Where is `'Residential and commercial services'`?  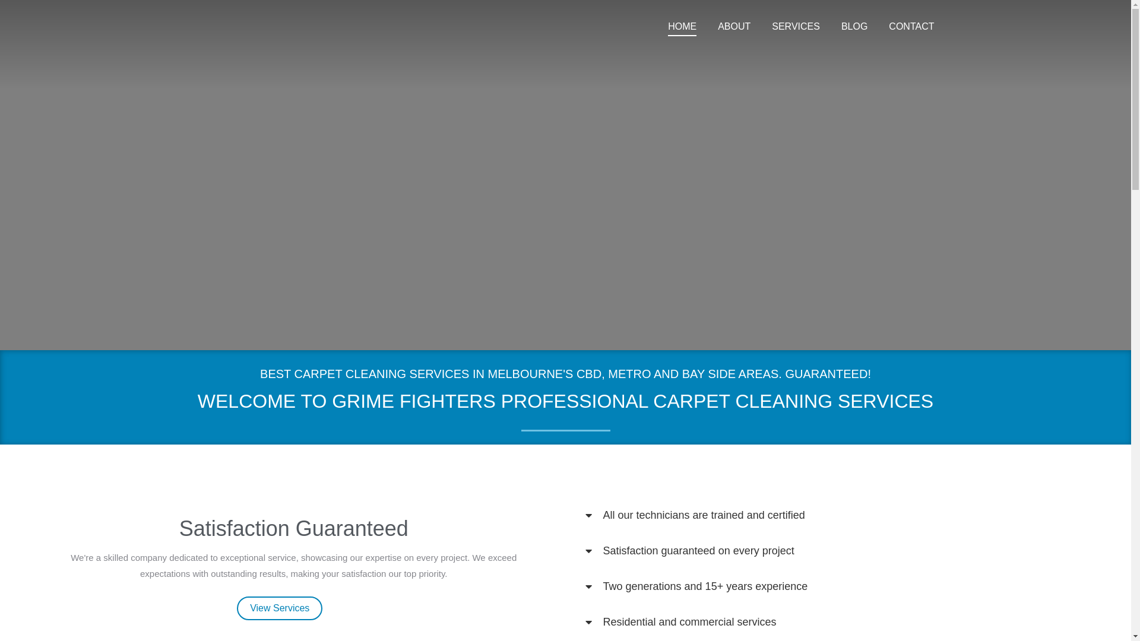 'Residential and commercial services' is located at coordinates (603, 621).